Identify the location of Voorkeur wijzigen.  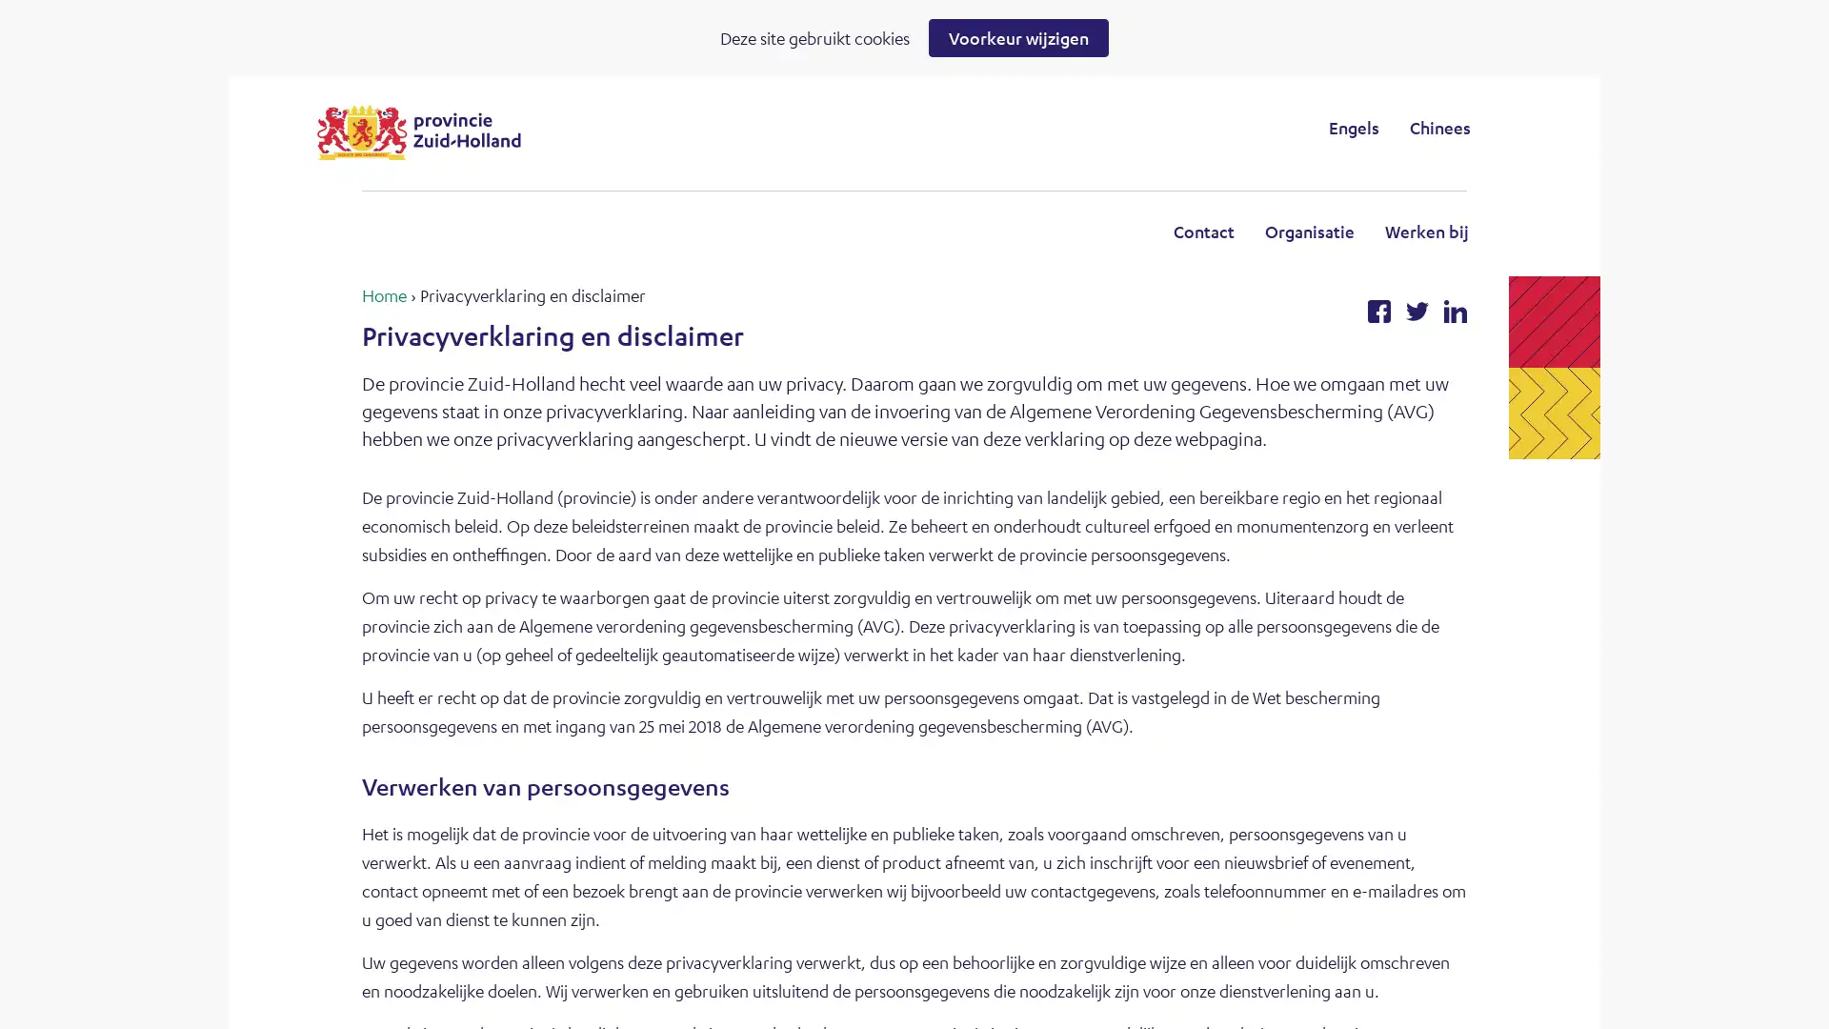
(1017, 37).